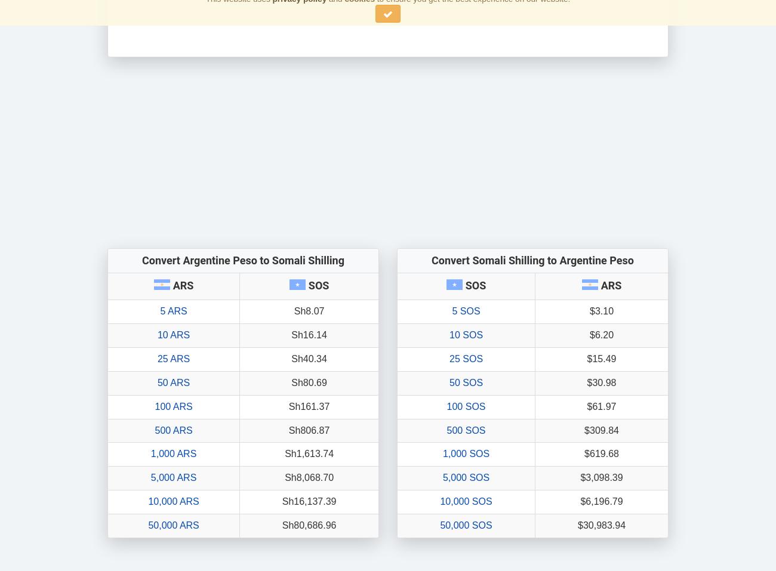 The width and height of the screenshot is (776, 571). I want to click on '1,000 SOS', so click(465, 453).